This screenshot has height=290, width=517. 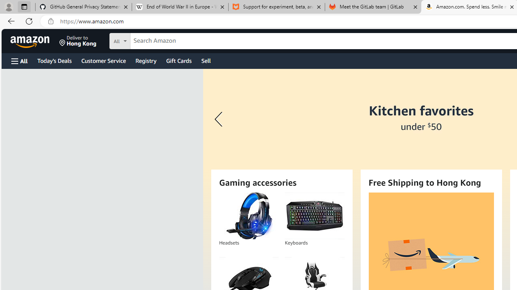 What do you see at coordinates (178, 60) in the screenshot?
I see `'Gift Cards'` at bounding box center [178, 60].